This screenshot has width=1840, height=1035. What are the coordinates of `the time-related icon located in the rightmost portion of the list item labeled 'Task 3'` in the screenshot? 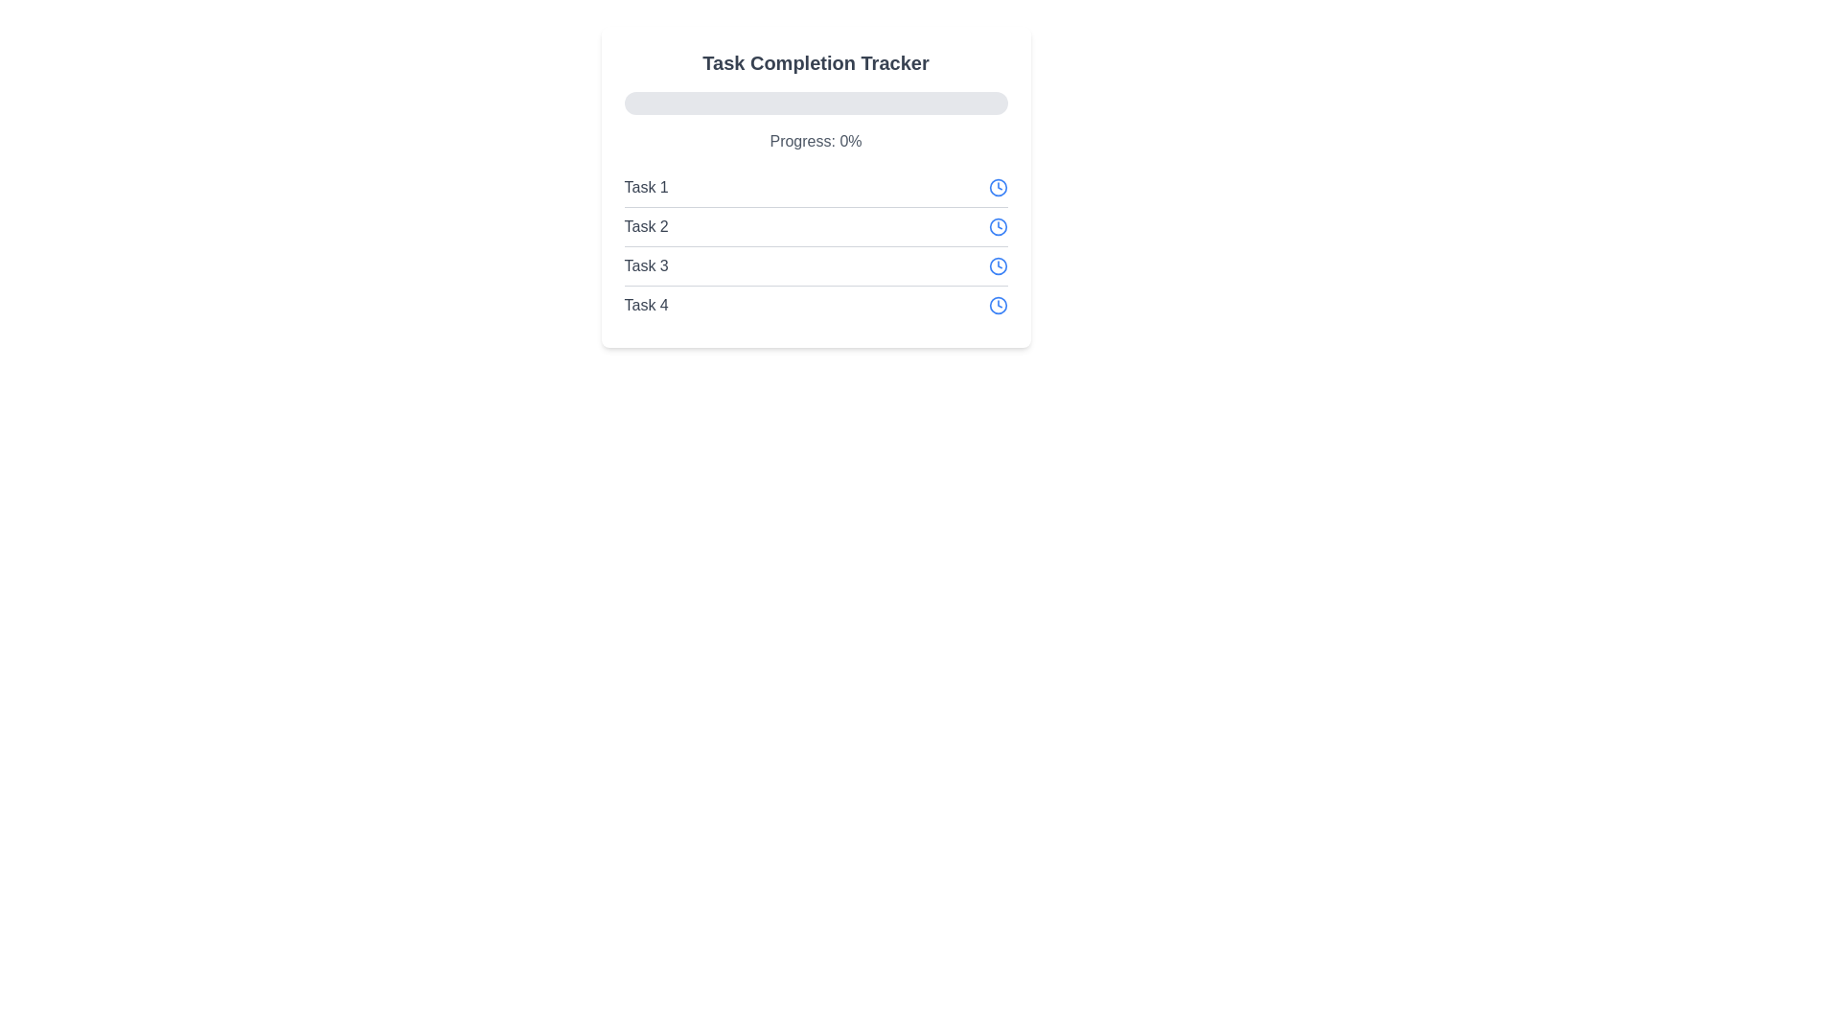 It's located at (997, 265).